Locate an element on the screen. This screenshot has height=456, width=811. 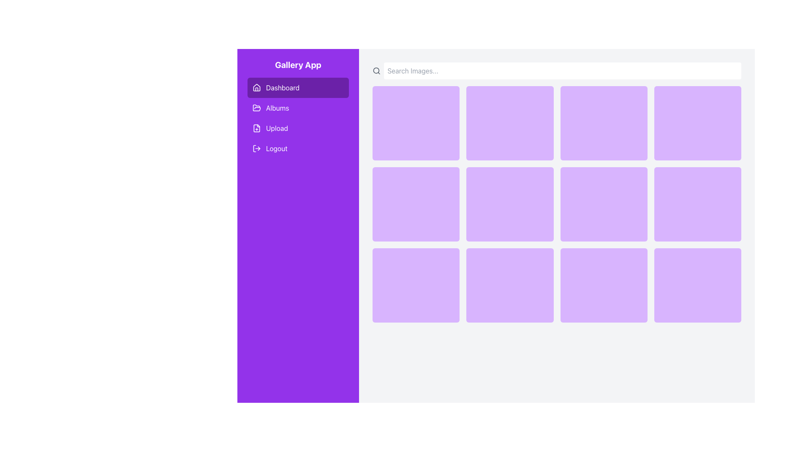
the decorative tile in the bottom-middle section of the grid, specifically in the second column of the third row, which is a square-shaped tile with rounded corners and a light purple background is located at coordinates (509, 285).